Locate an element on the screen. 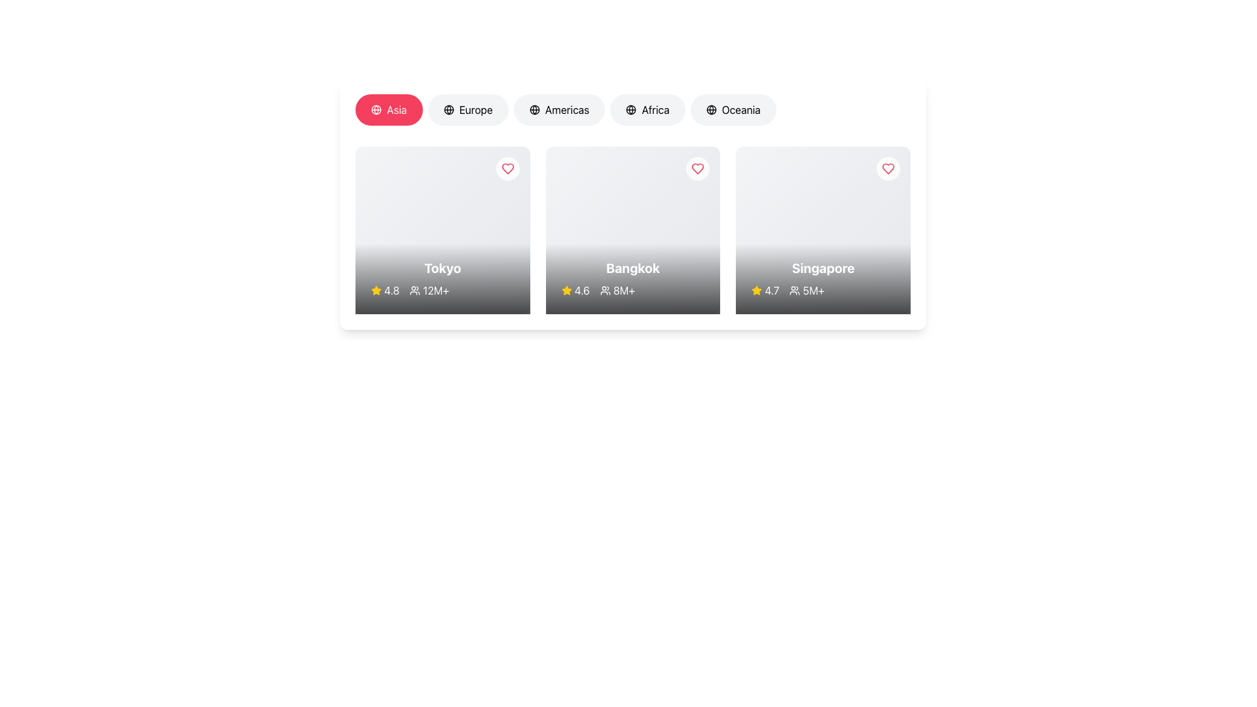 The width and height of the screenshot is (1257, 707). the 'Americas' button is located at coordinates (559, 109).